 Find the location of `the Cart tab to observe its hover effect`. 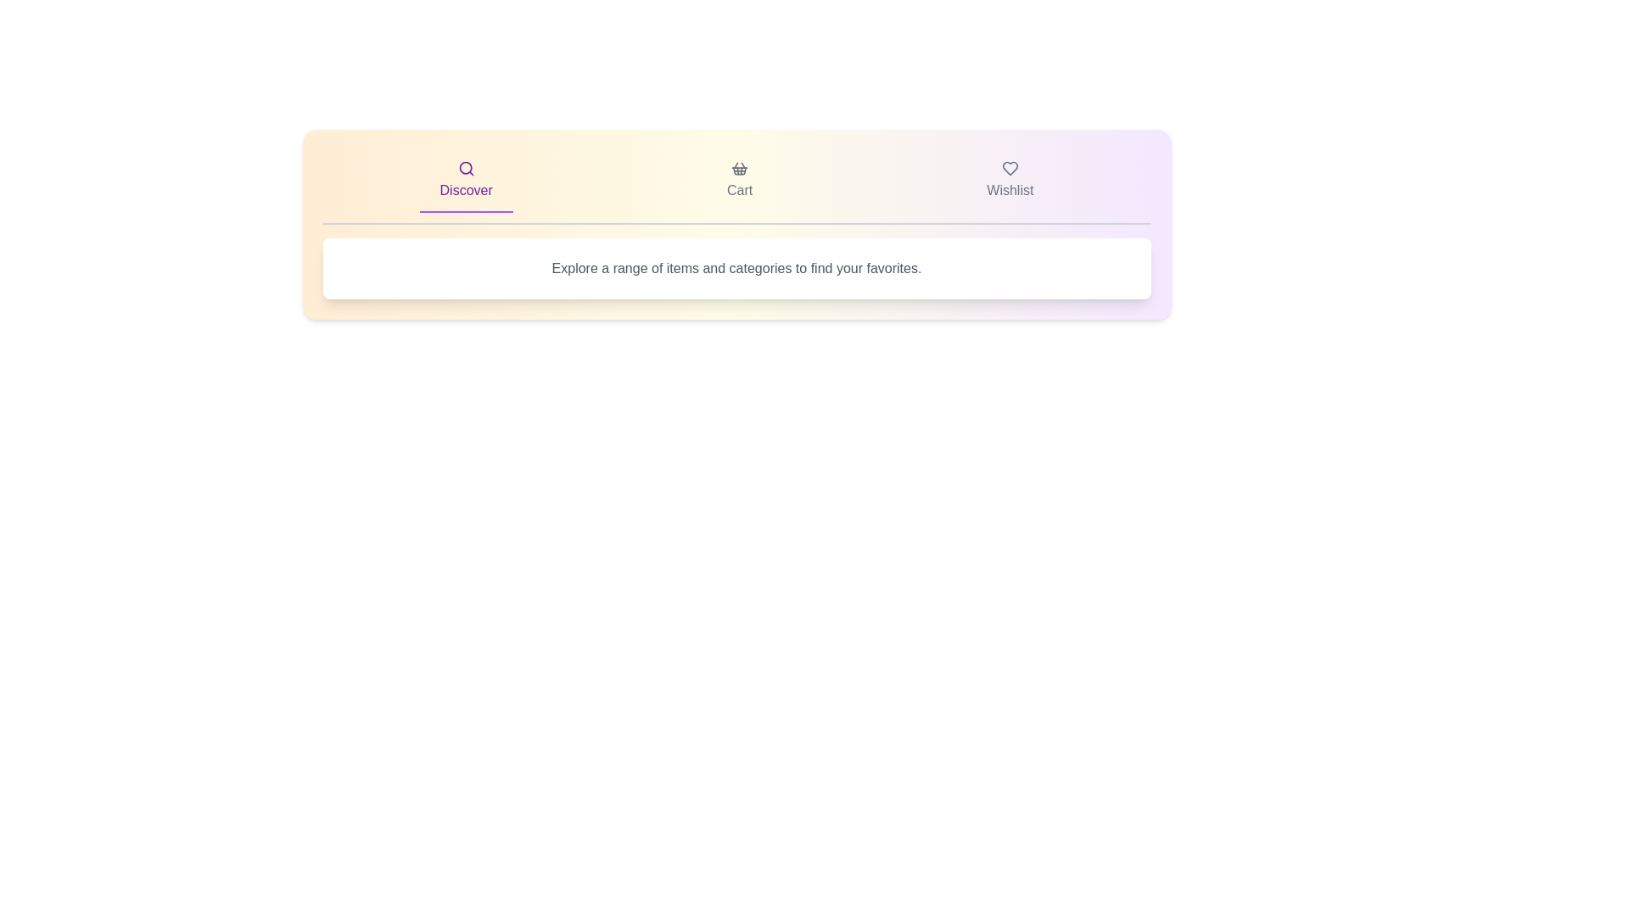

the Cart tab to observe its hover effect is located at coordinates (740, 181).